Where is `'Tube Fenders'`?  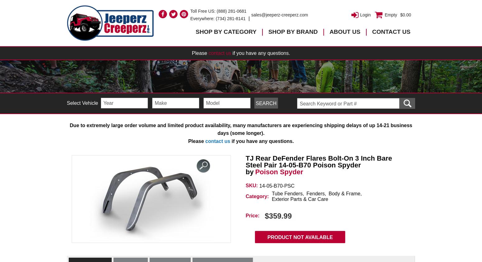
'Tube Fenders' is located at coordinates (272, 193).